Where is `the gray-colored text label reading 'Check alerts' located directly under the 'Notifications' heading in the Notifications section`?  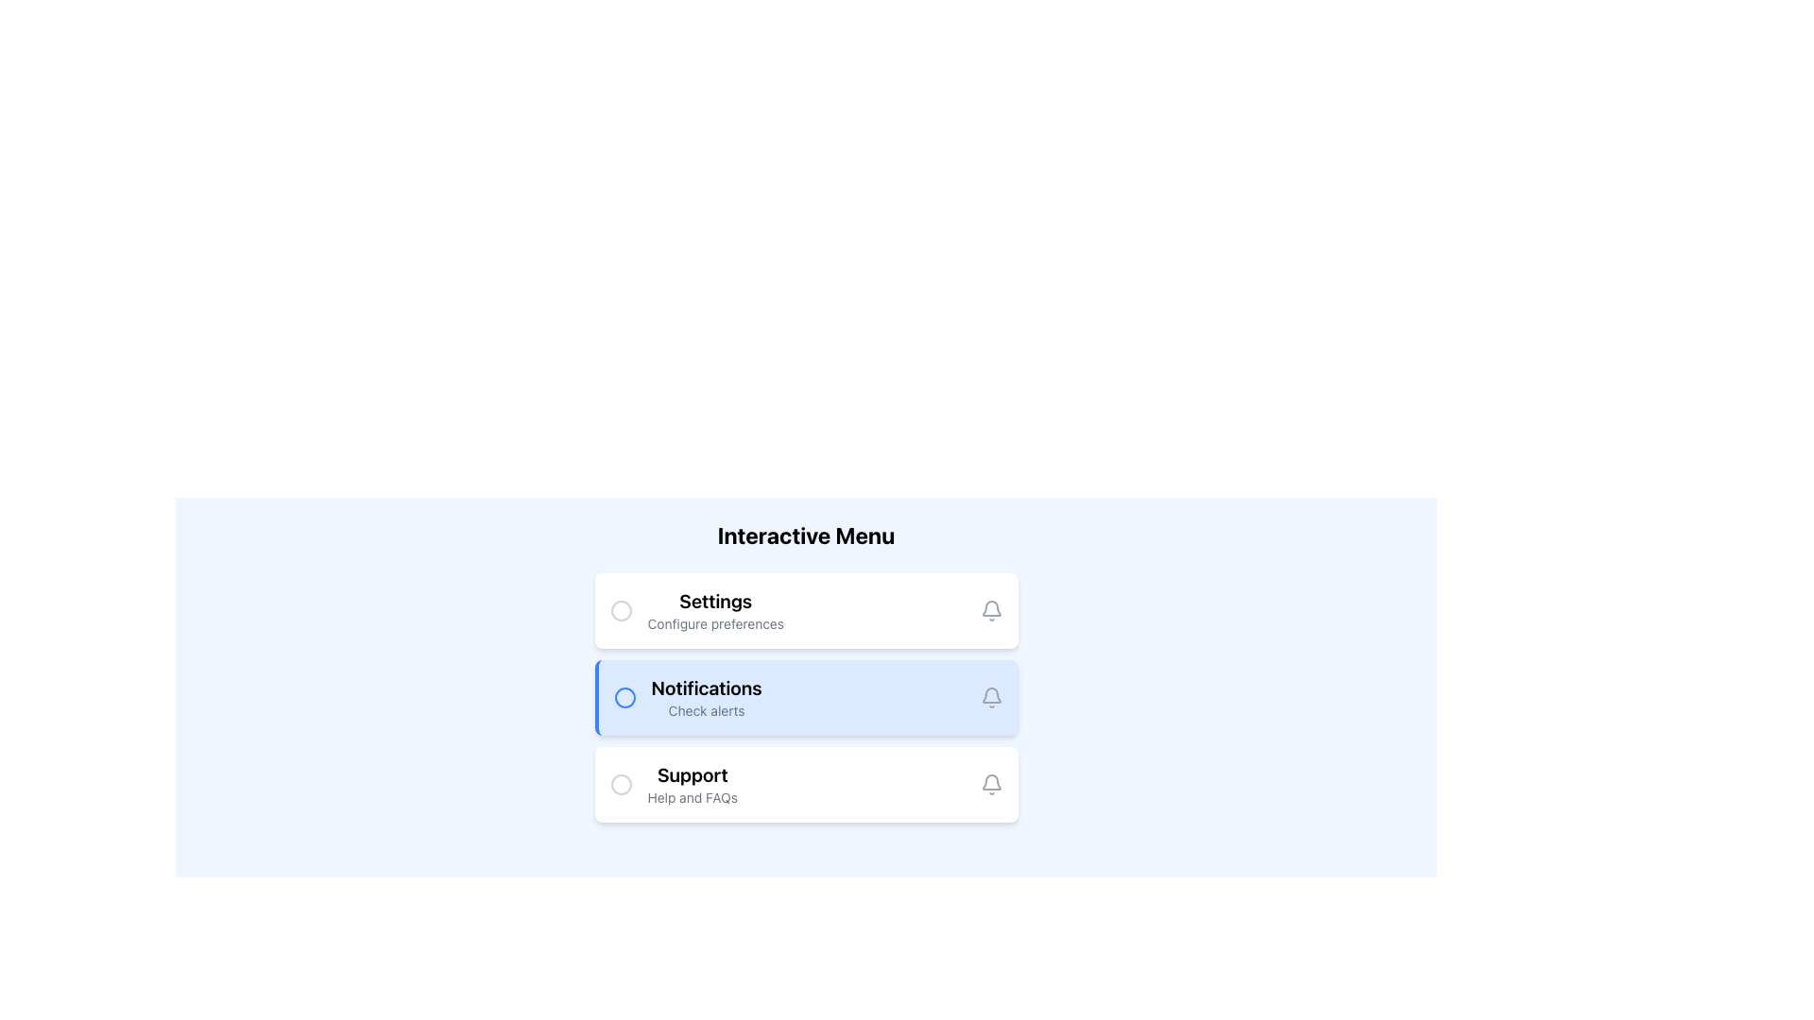 the gray-colored text label reading 'Check alerts' located directly under the 'Notifications' heading in the Notifications section is located at coordinates (706, 710).